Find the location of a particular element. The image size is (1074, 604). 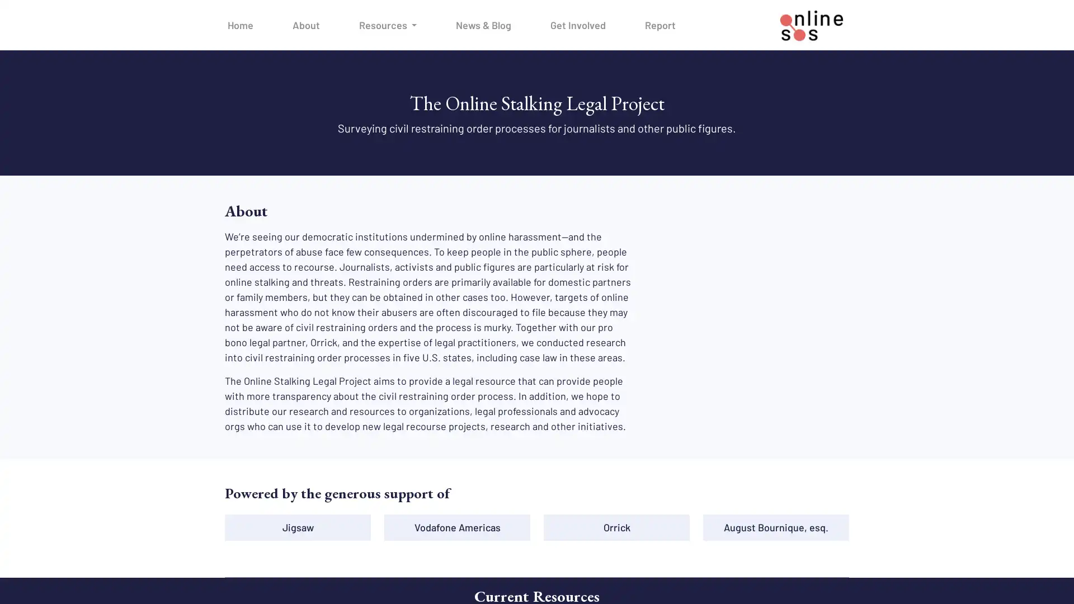

Resources is located at coordinates (387, 25).